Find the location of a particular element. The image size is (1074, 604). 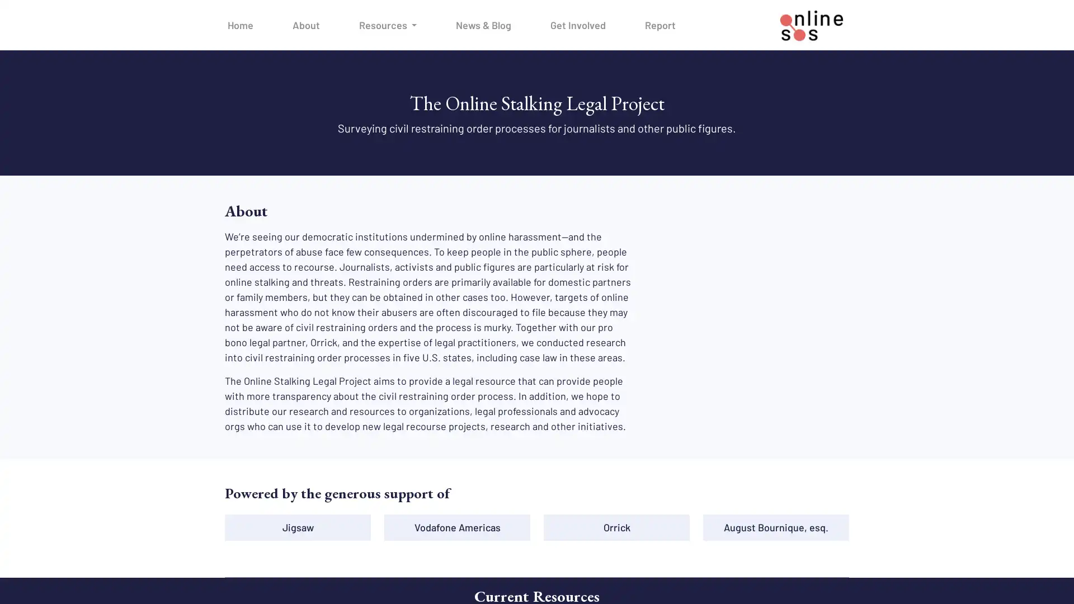

Resources is located at coordinates (387, 25).